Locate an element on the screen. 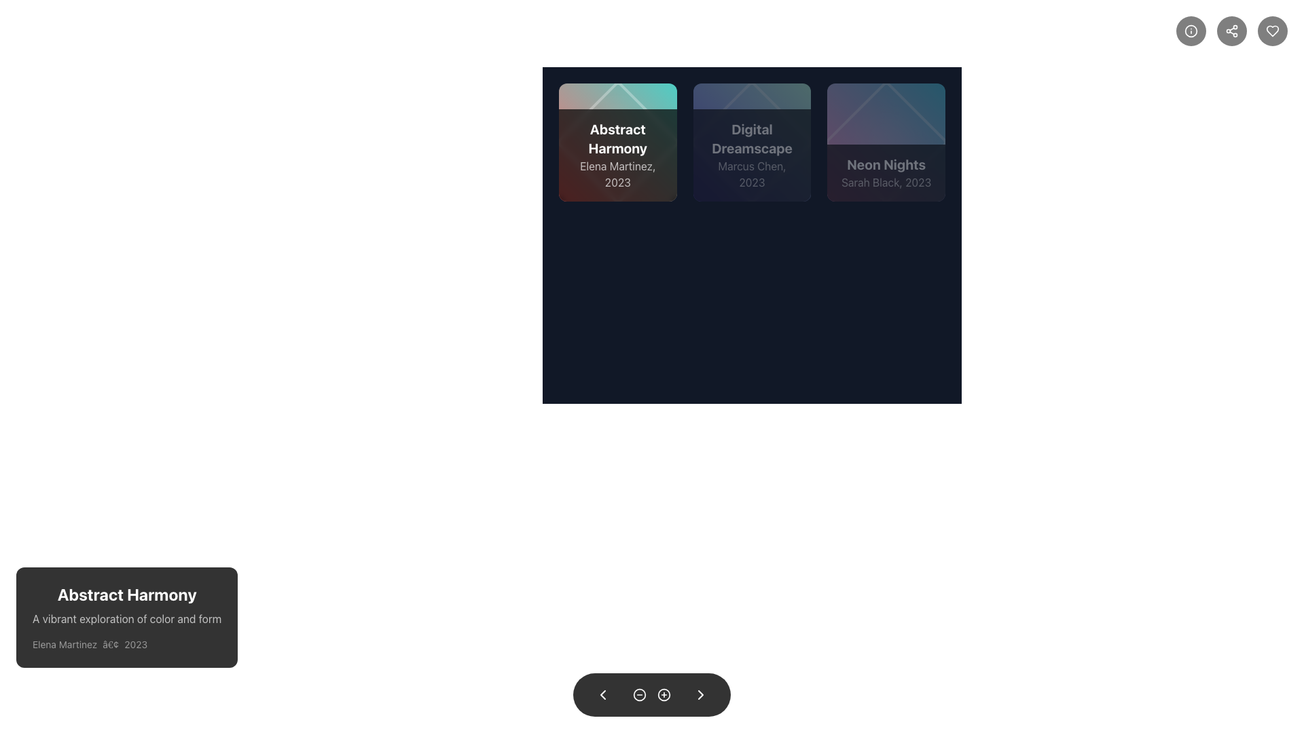 This screenshot has width=1304, height=733. the white chevron icon located at the bottom-right of the interface is located at coordinates (701, 694).